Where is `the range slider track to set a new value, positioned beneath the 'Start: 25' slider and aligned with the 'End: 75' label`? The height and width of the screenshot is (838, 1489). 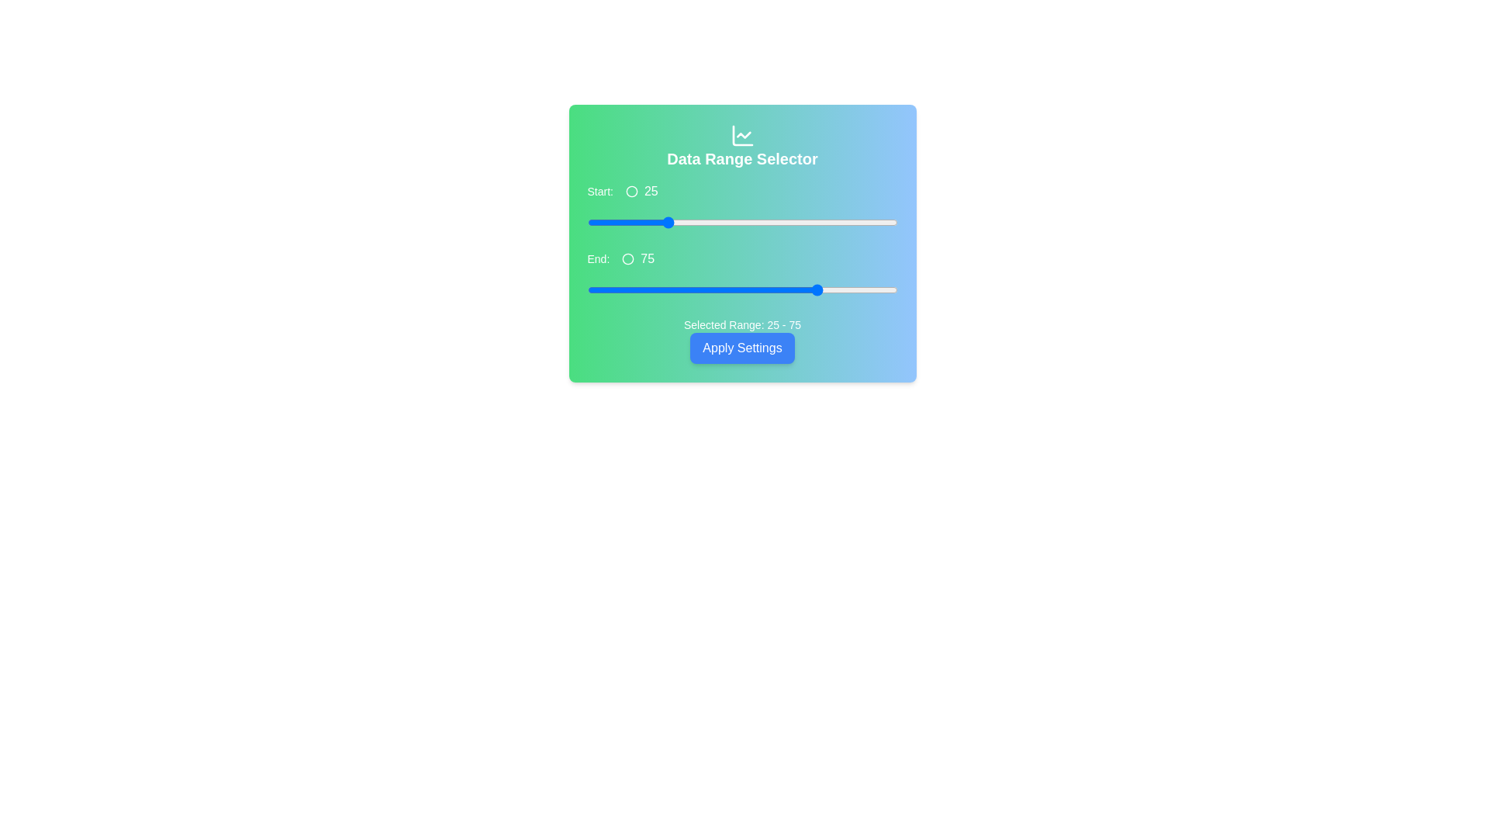 the range slider track to set a new value, positioned beneath the 'Start: 25' slider and aligned with the 'End: 75' label is located at coordinates (741, 290).